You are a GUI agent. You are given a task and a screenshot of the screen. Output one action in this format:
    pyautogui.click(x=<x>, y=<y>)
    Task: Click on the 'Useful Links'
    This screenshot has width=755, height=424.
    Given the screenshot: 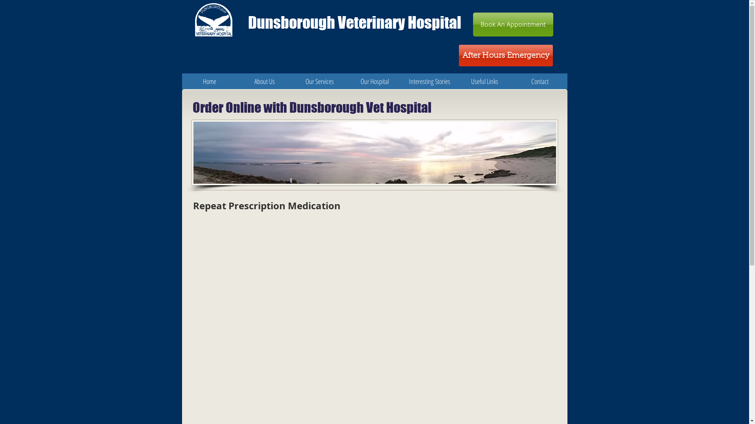 What is the action you would take?
    pyautogui.click(x=484, y=81)
    